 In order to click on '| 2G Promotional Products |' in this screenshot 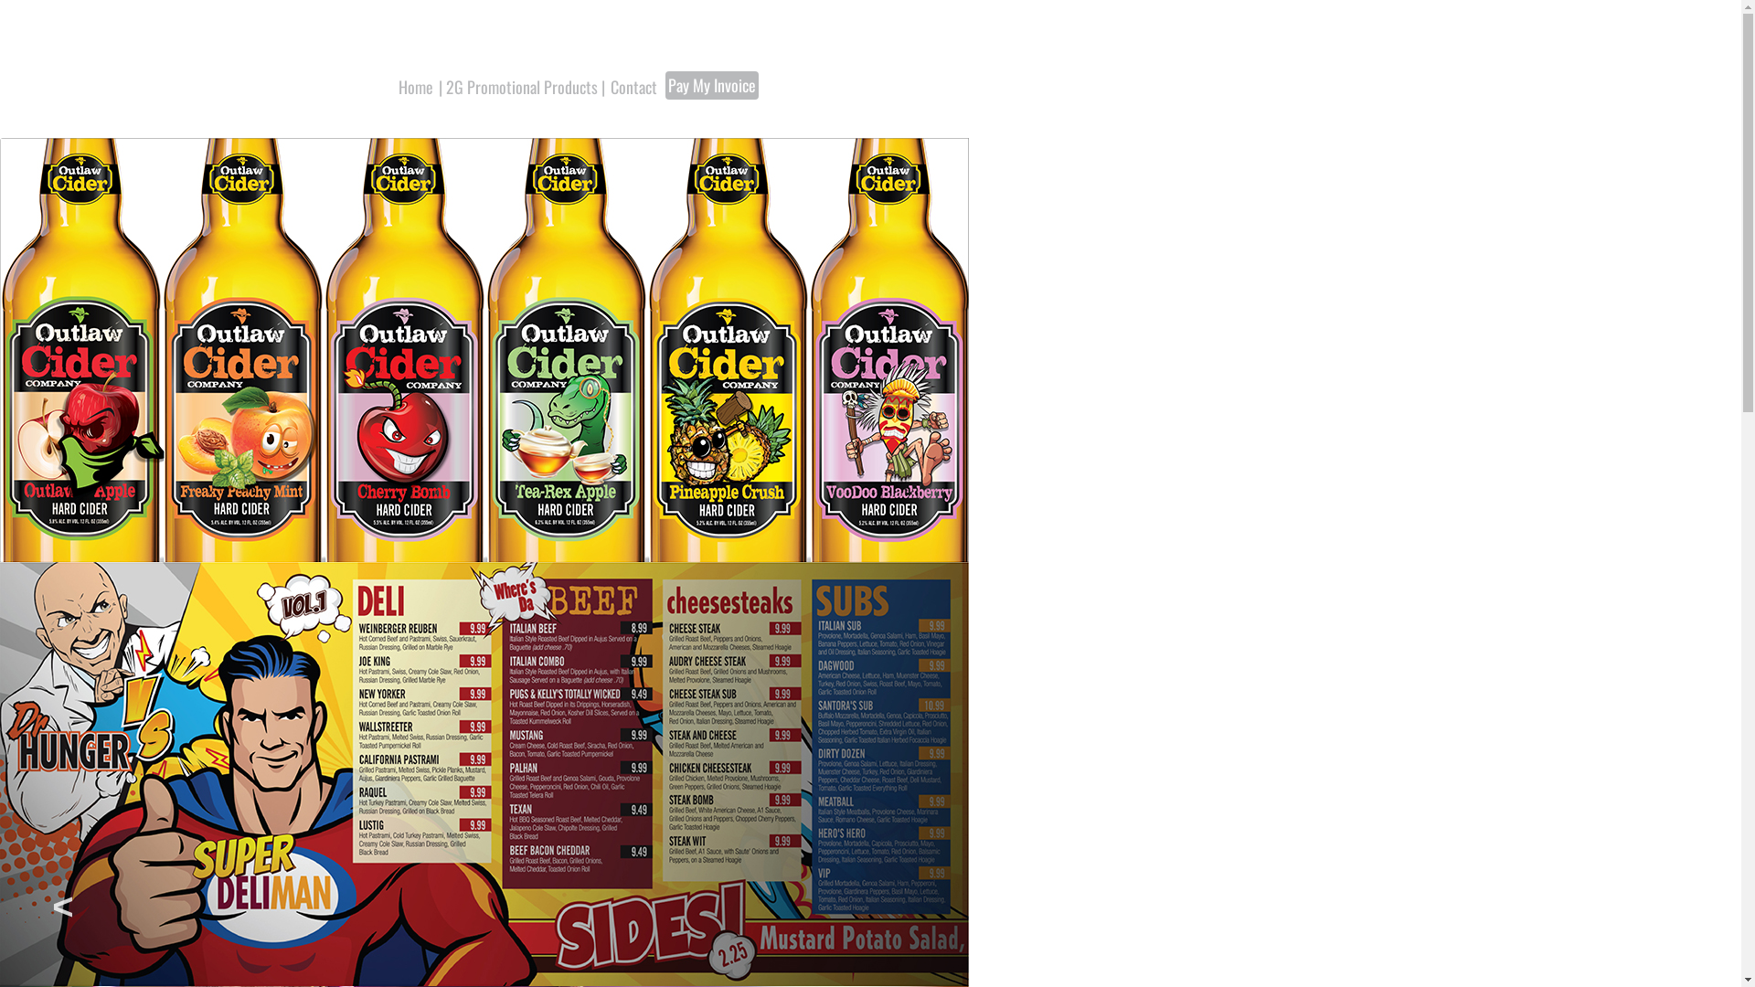, I will do `click(433, 87)`.